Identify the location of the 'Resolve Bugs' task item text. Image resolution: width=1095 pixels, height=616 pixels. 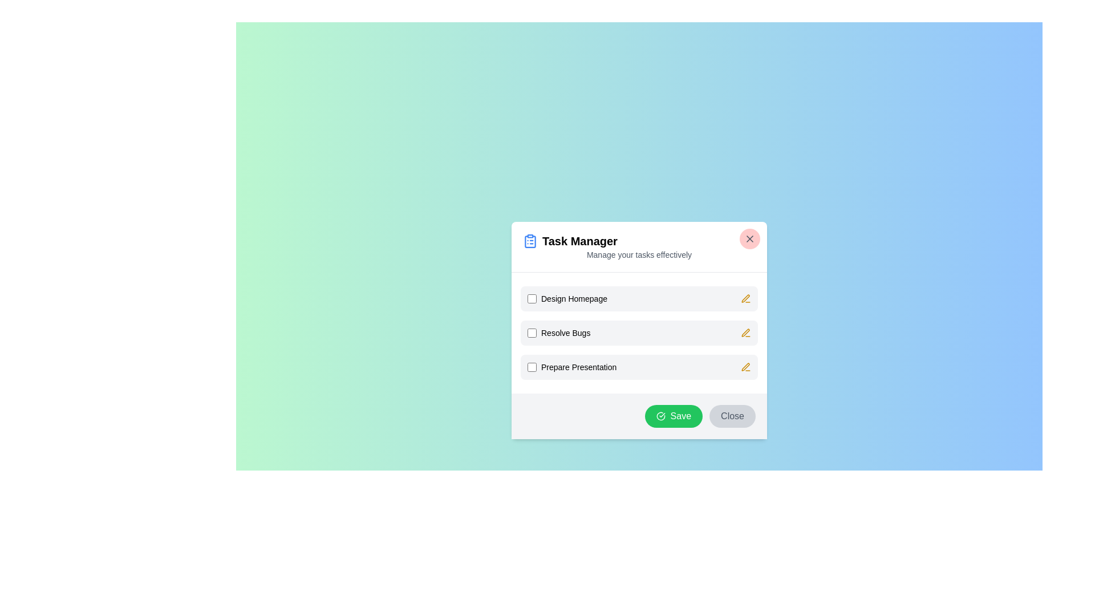
(559, 333).